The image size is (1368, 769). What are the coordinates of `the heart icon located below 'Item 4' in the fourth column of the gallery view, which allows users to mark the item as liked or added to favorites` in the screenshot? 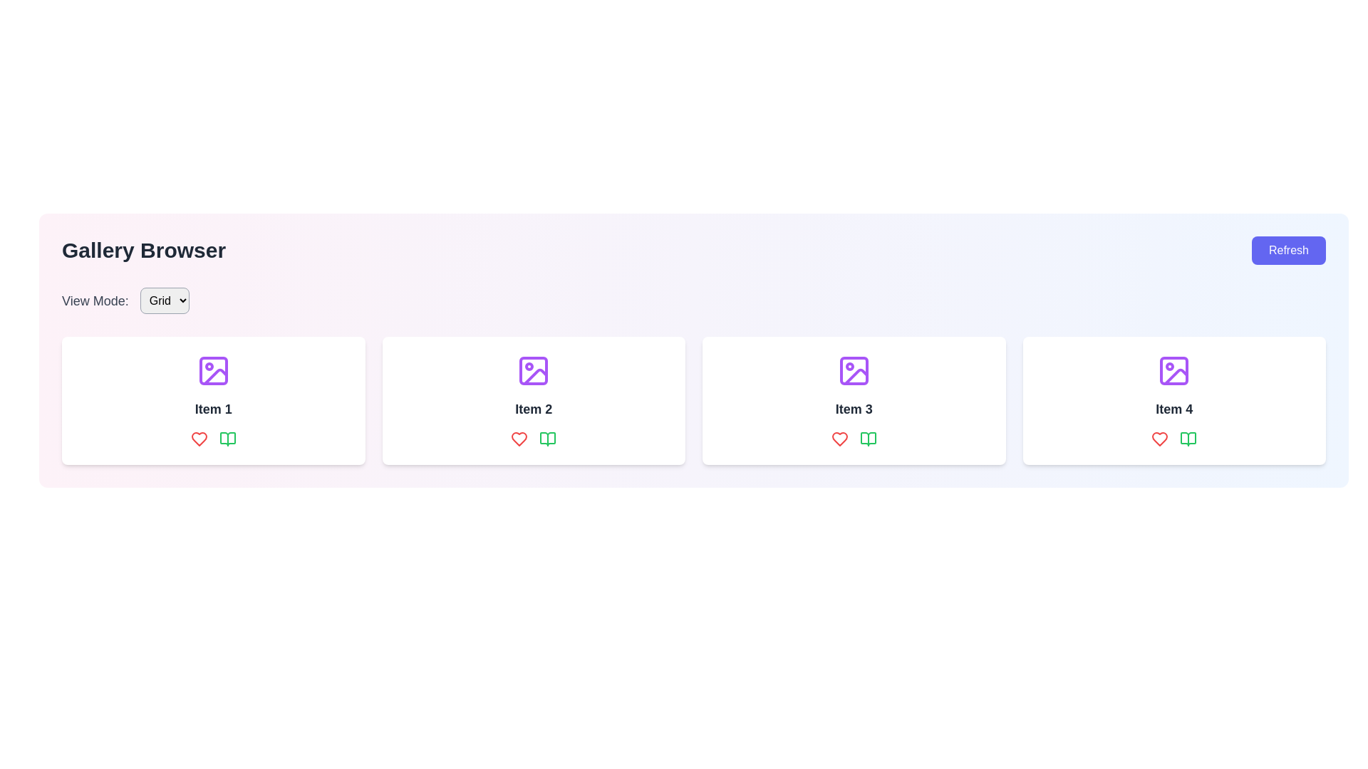 It's located at (1160, 439).